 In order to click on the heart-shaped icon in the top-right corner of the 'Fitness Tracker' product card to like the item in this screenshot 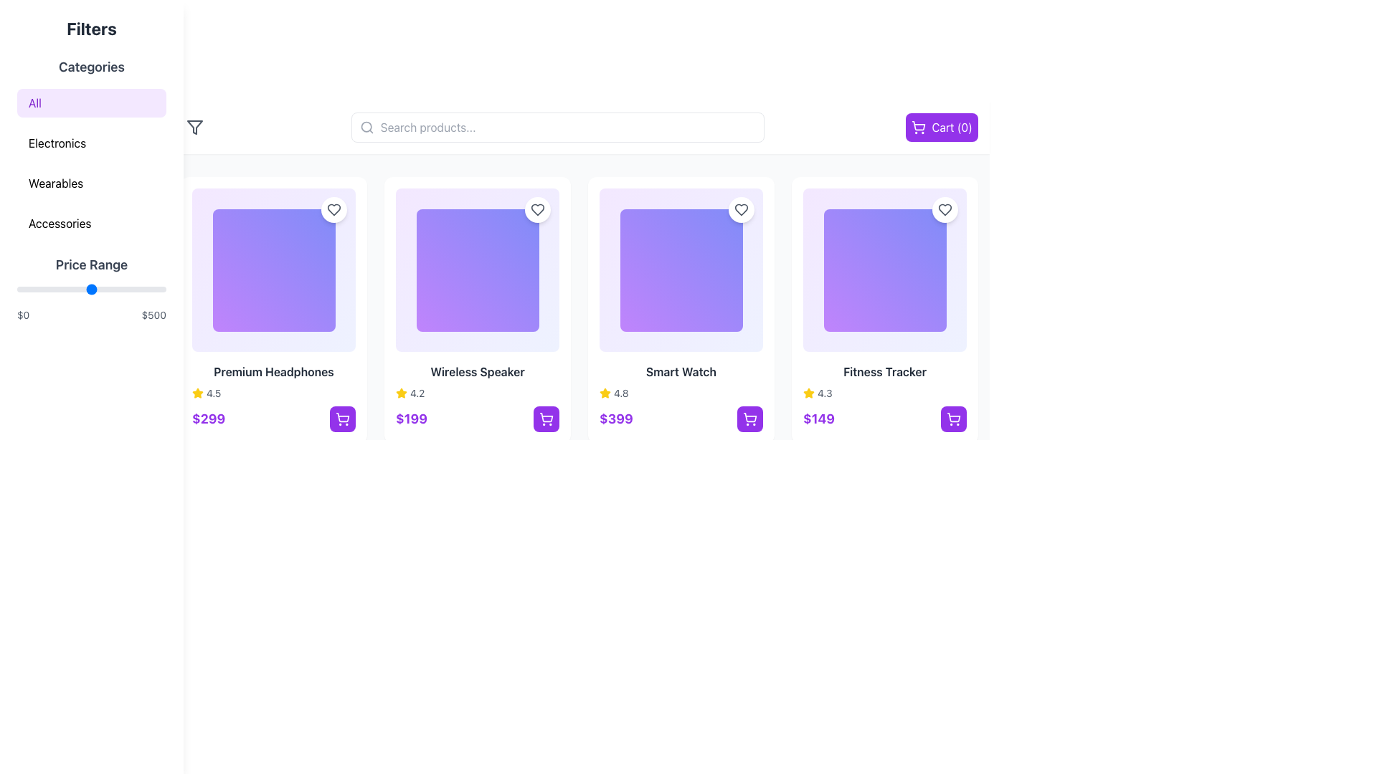, I will do `click(945, 210)`.